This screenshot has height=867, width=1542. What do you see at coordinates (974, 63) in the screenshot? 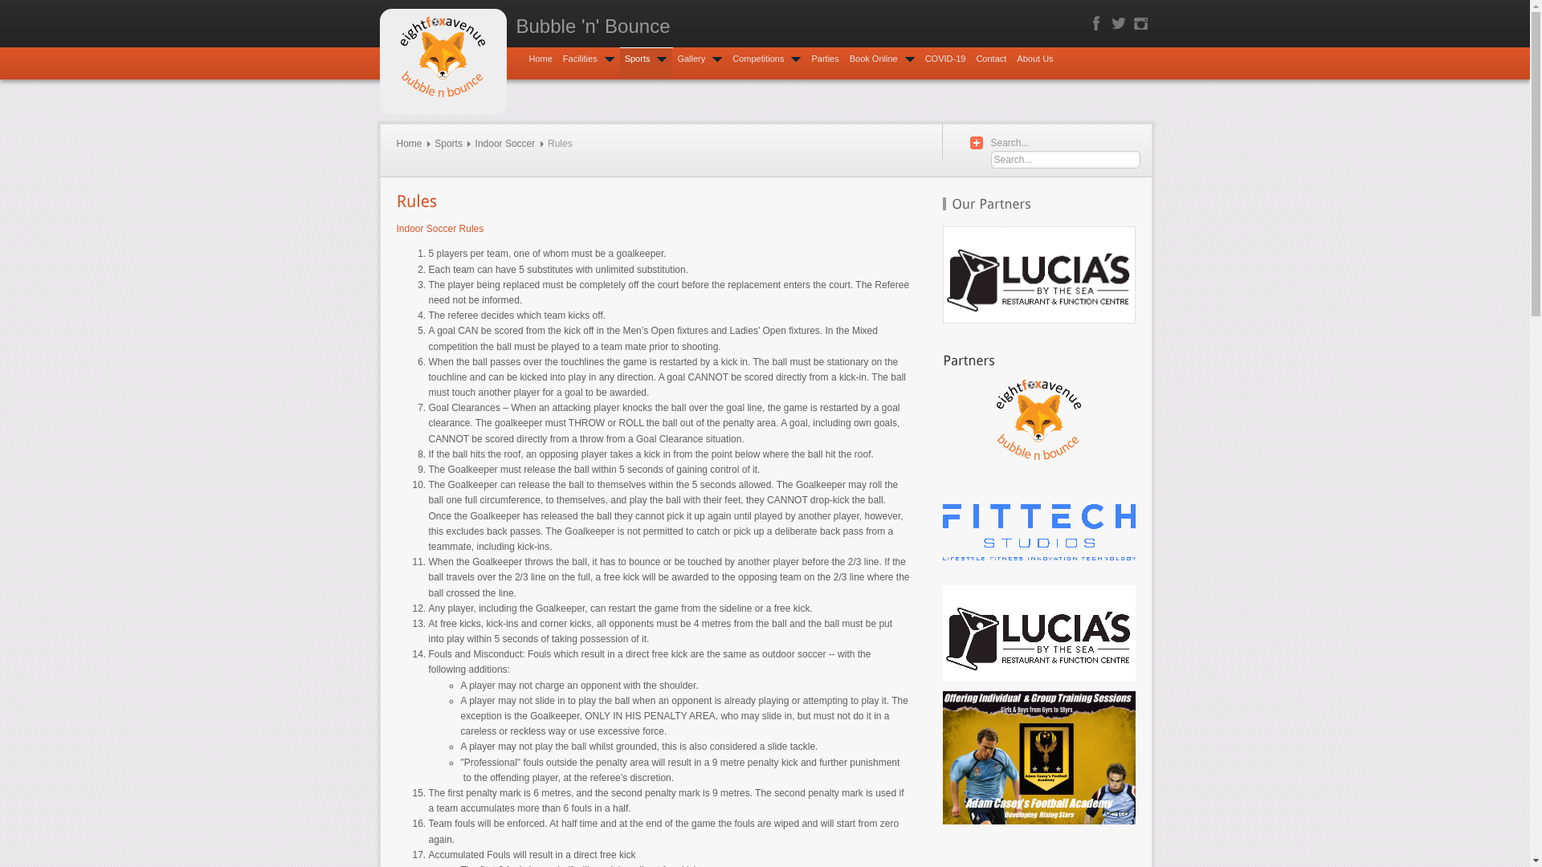
I see `'Contact'` at bounding box center [974, 63].